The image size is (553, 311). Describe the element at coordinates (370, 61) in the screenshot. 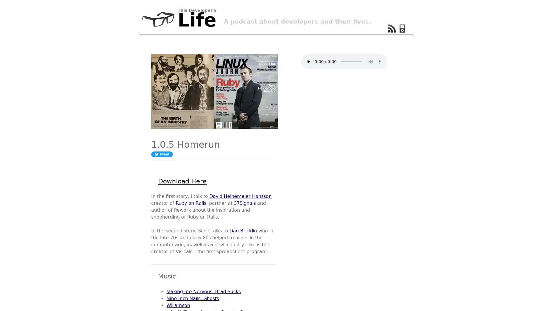

I see `mute` at that location.